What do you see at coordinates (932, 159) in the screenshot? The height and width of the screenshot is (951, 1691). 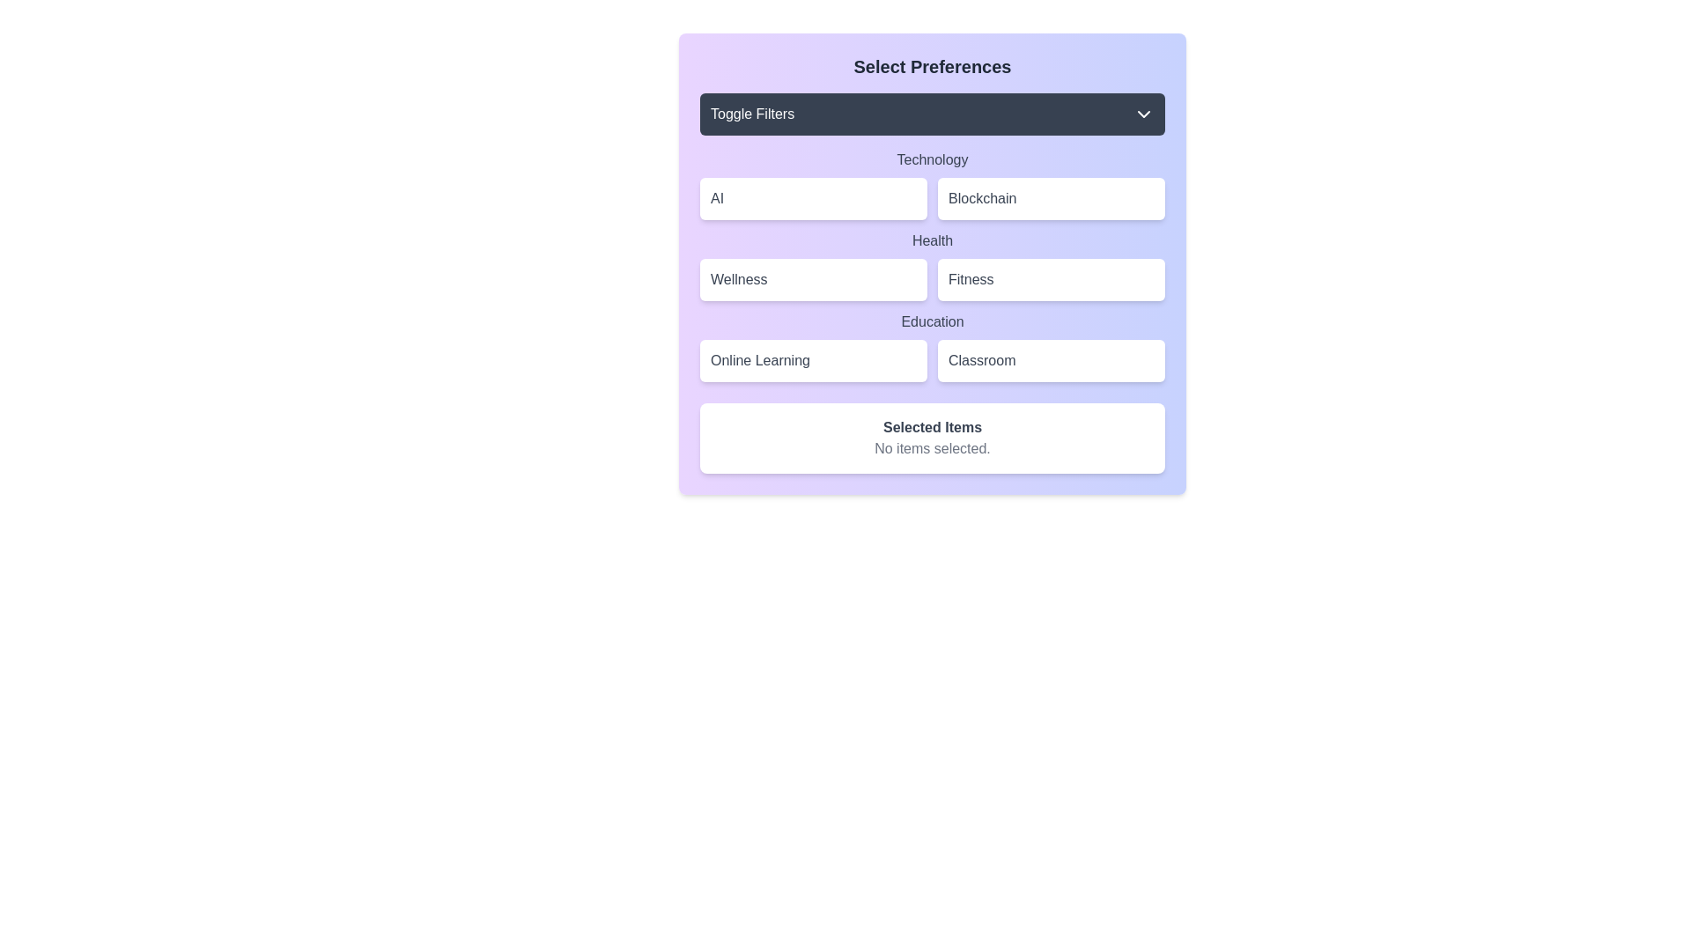 I see `the bold medium-sized static text label 'Technology' which is styled in dark gray and located above the options in the section` at bounding box center [932, 159].